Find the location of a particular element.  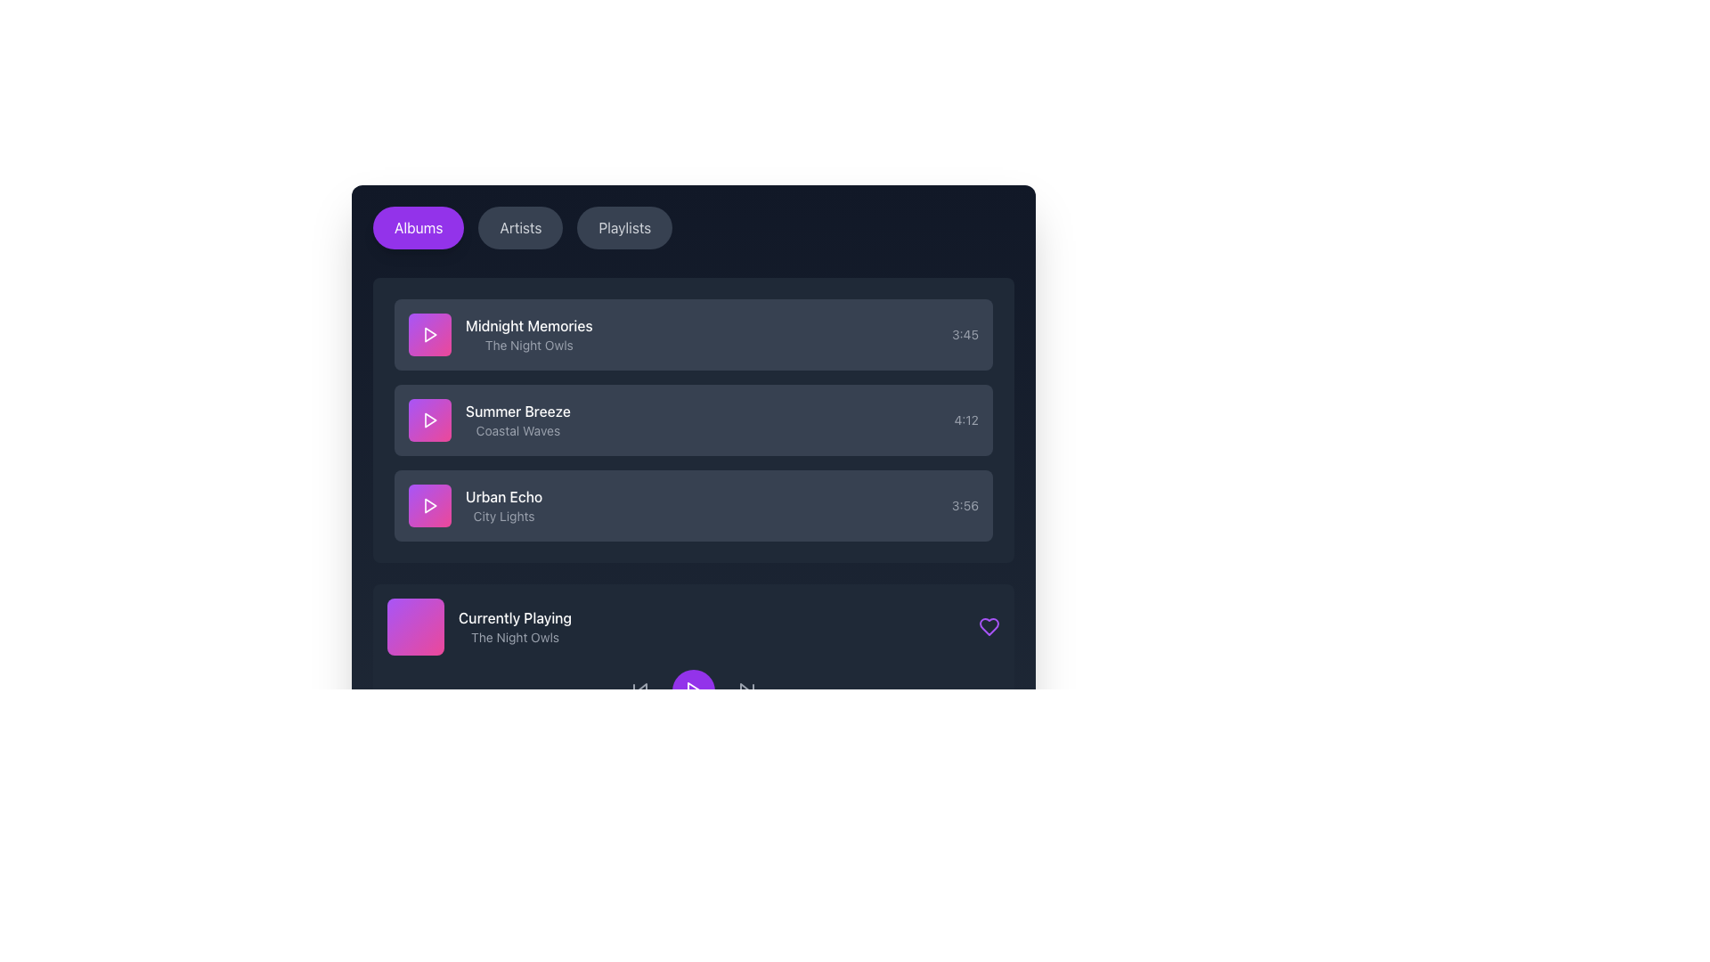

the play button for 'Midnight Memories' is located at coordinates (430, 334).